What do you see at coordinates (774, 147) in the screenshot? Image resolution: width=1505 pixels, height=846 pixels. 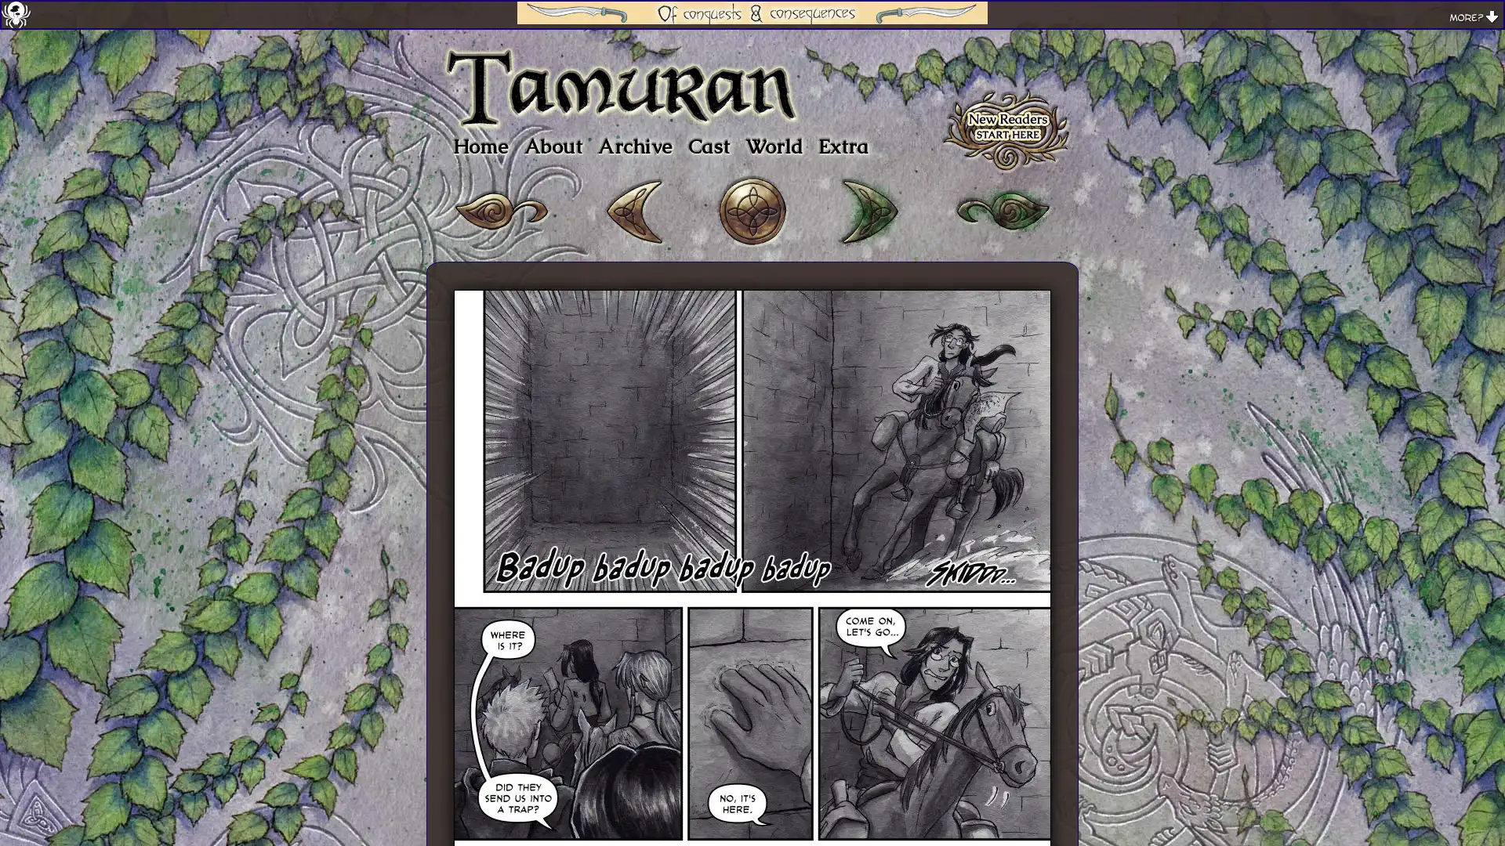 I see `World` at bounding box center [774, 147].